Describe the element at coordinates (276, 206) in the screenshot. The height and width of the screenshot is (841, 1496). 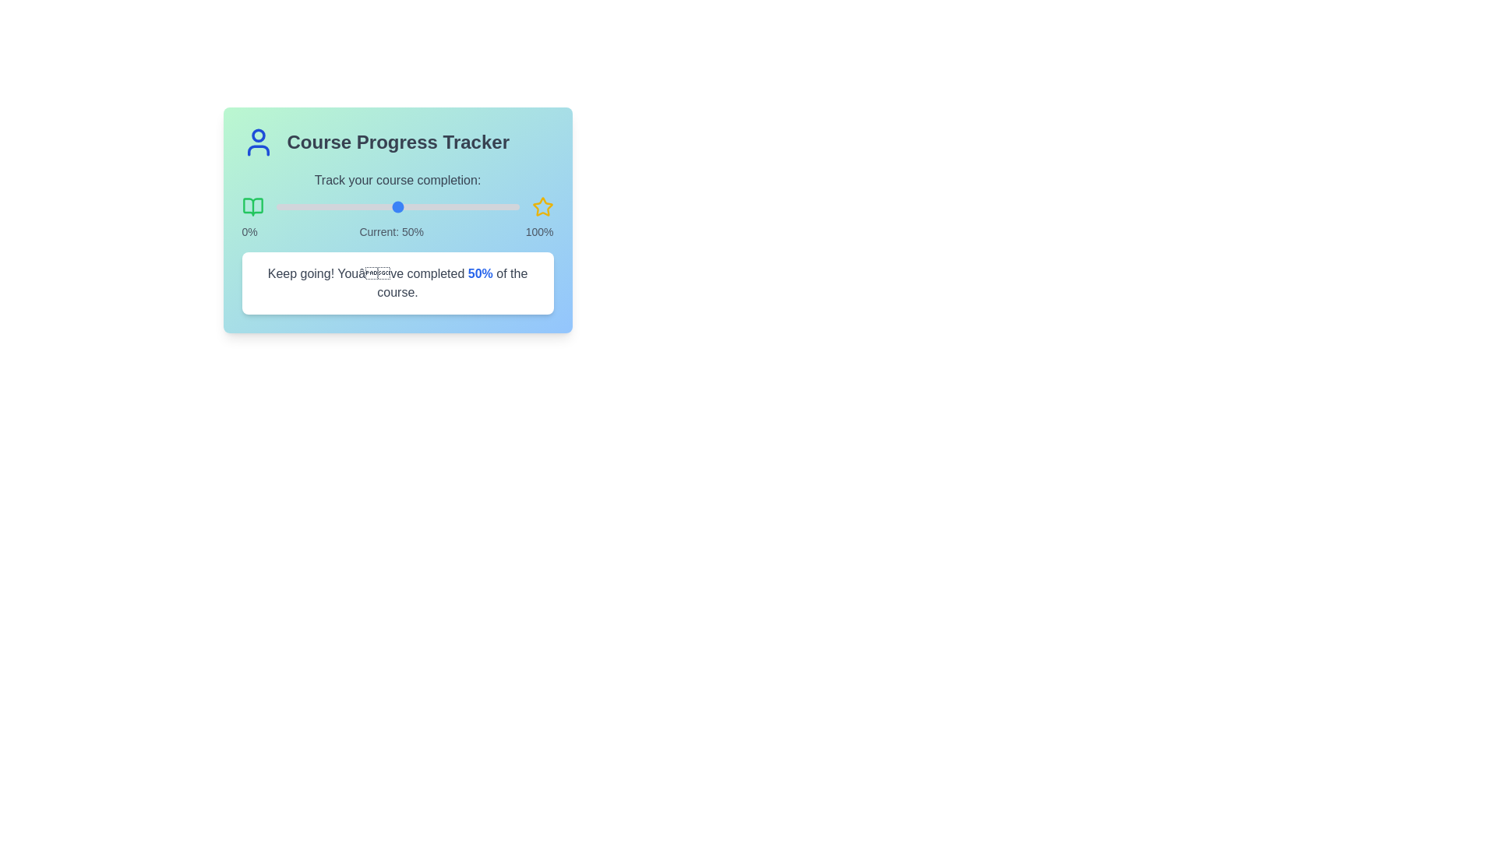
I see `the progress slider to 0% completion` at that location.